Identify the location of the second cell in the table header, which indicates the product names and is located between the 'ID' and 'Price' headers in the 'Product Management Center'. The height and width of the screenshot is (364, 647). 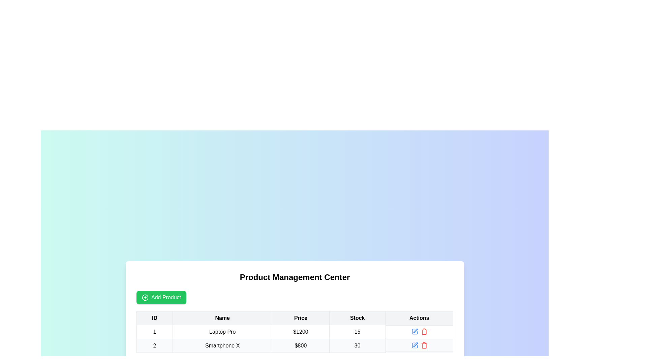
(222, 318).